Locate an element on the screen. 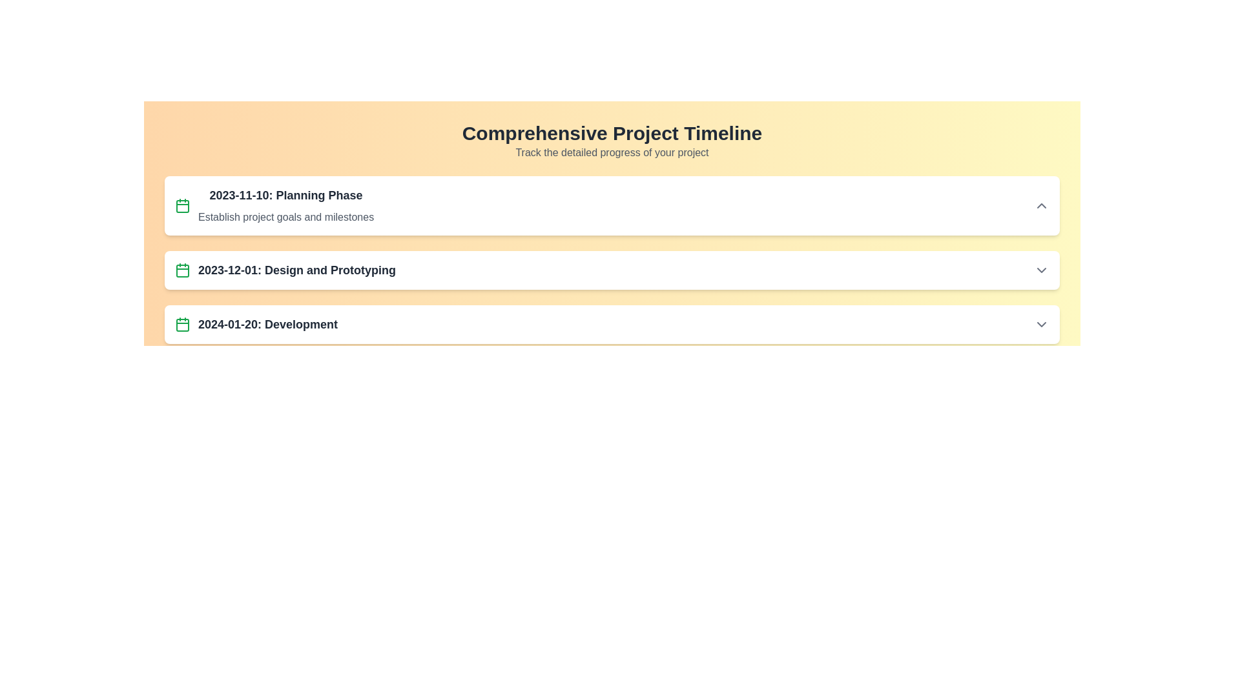 This screenshot has width=1240, height=697. event information from the list item containing a green calendar icon and the text '2024-01-20: Development', which is the third entry in a vertical list of similar elements is located at coordinates (256, 323).